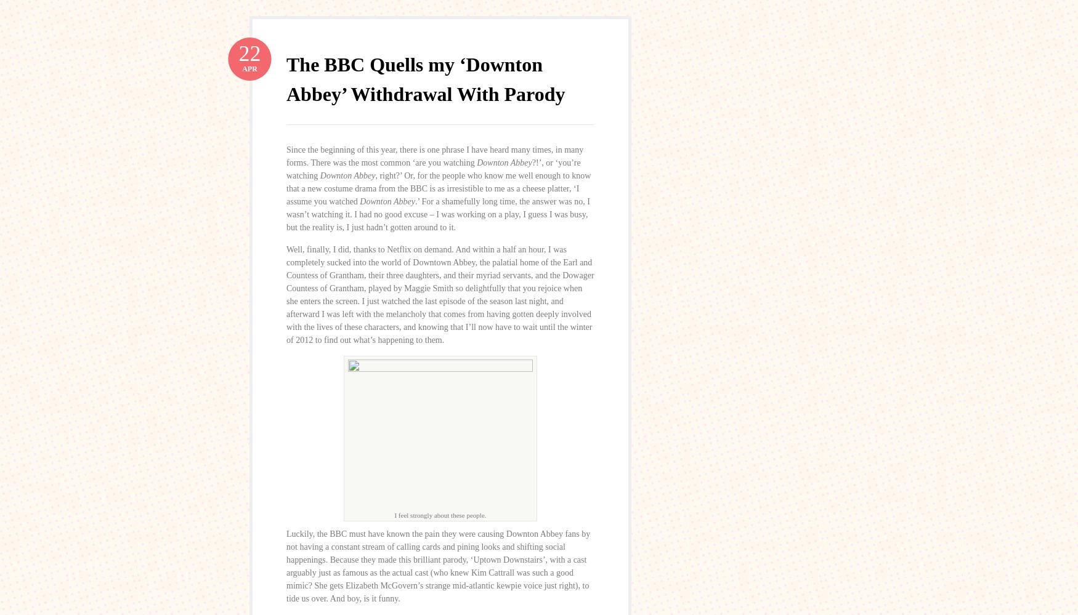 The width and height of the screenshot is (1078, 615). I want to click on 'The BBC Quells my ‘Downton Abbey’ Withdrawal With Parody', so click(286, 78).